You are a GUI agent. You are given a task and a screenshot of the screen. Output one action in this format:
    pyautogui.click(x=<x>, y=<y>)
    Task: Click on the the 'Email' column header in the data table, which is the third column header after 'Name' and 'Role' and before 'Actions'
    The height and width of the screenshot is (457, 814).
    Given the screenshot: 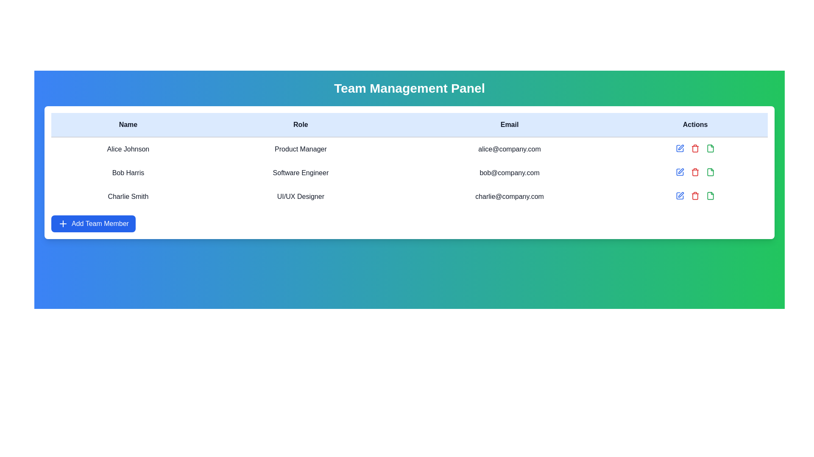 What is the action you would take?
    pyautogui.click(x=509, y=125)
    